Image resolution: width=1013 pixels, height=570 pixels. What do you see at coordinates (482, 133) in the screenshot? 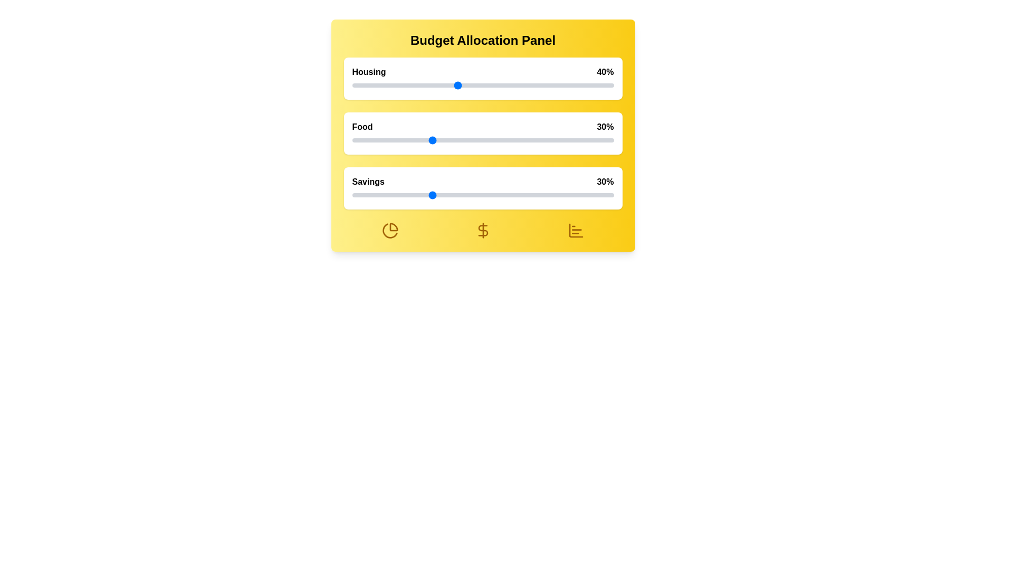
I see `the slider input labeled 'Food'` at bounding box center [482, 133].